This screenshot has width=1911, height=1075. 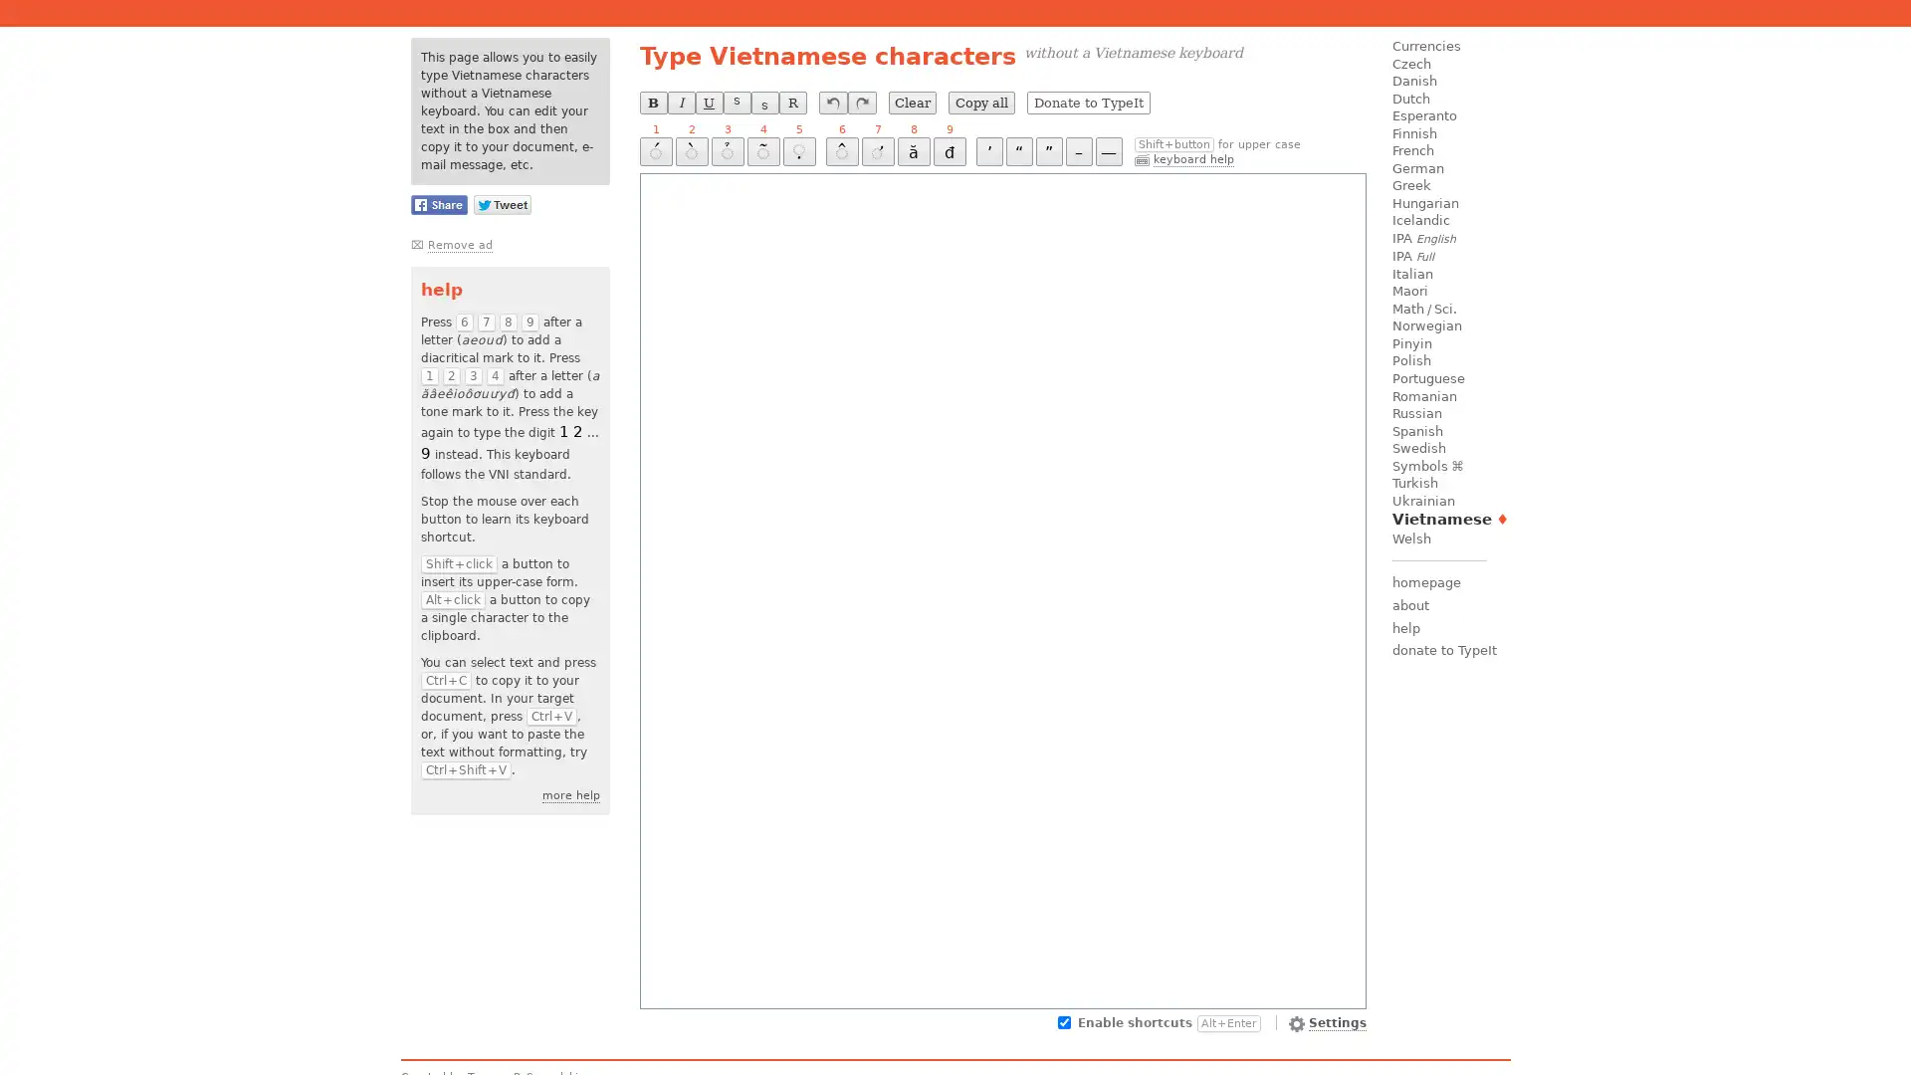 What do you see at coordinates (791, 103) in the screenshot?
I see `R` at bounding box center [791, 103].